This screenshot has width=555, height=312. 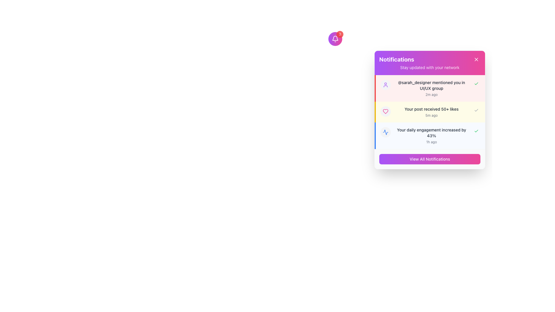 I want to click on the notification button located at the bottom-center of the notification panel with a white background and pink gradient header, so click(x=430, y=159).